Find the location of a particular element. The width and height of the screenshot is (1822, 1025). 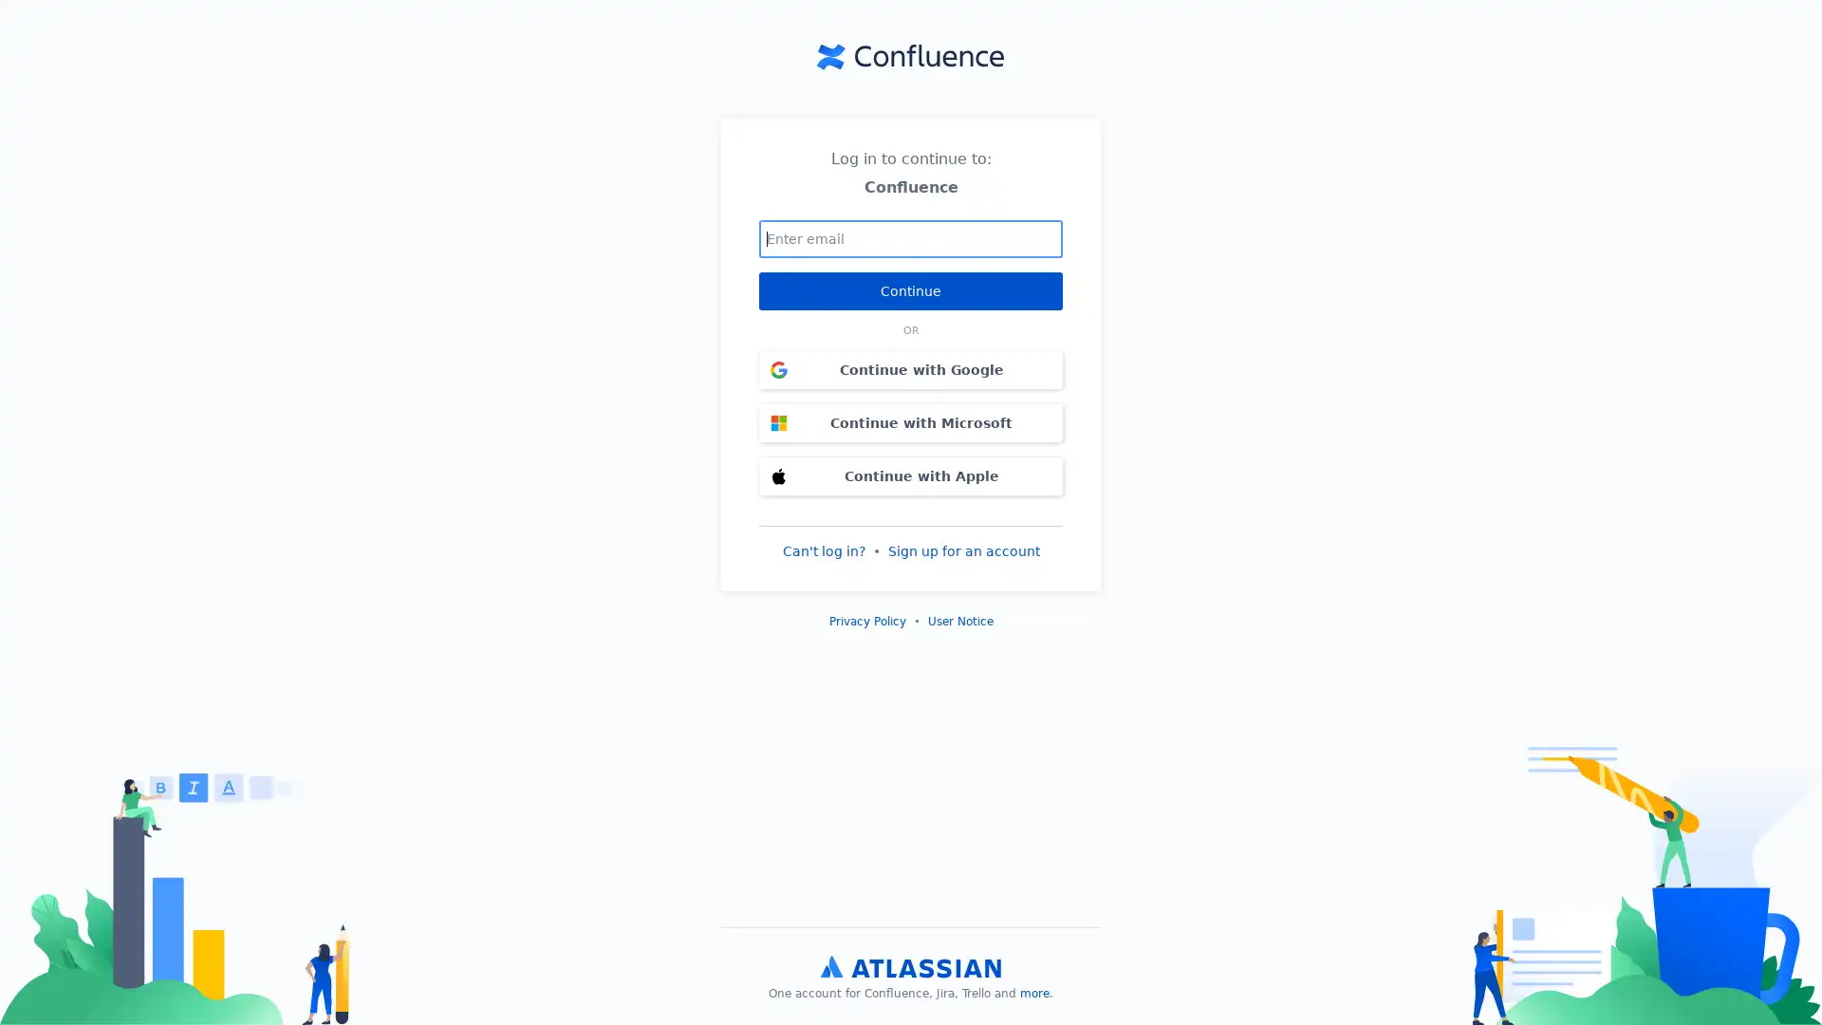

Continue is located at coordinates (911, 289).